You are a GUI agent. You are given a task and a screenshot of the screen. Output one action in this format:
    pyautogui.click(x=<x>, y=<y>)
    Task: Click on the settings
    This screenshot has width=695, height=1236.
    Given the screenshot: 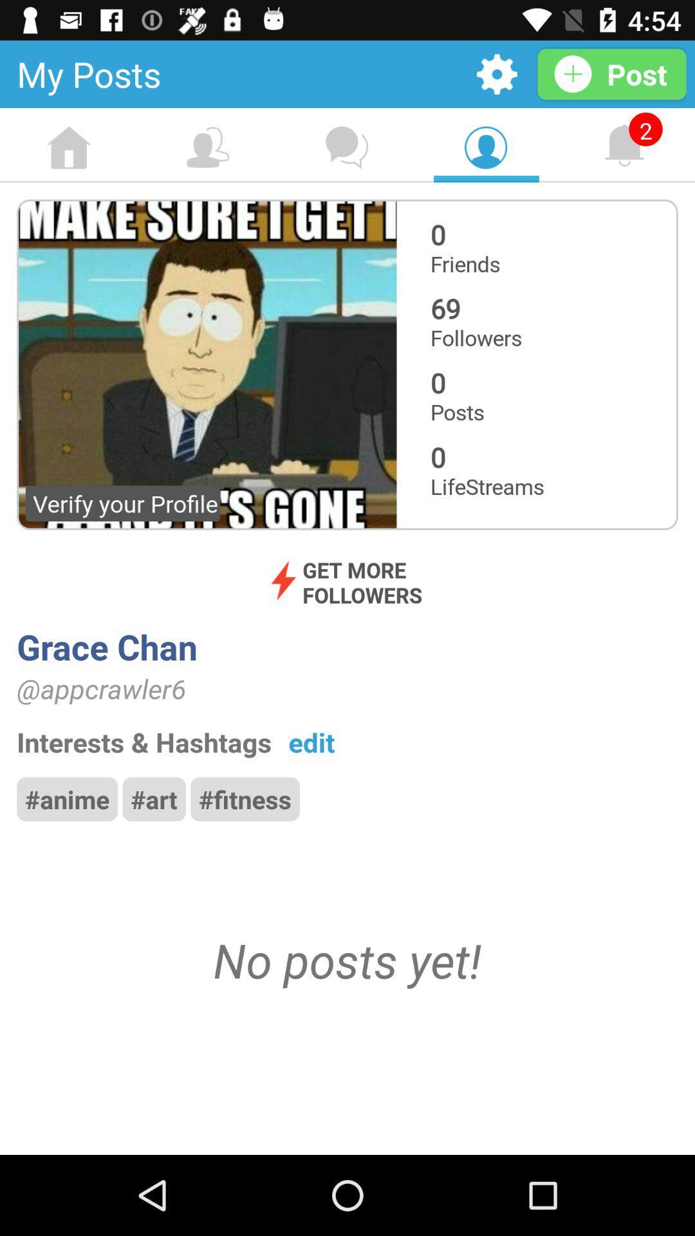 What is the action you would take?
    pyautogui.click(x=496, y=73)
    